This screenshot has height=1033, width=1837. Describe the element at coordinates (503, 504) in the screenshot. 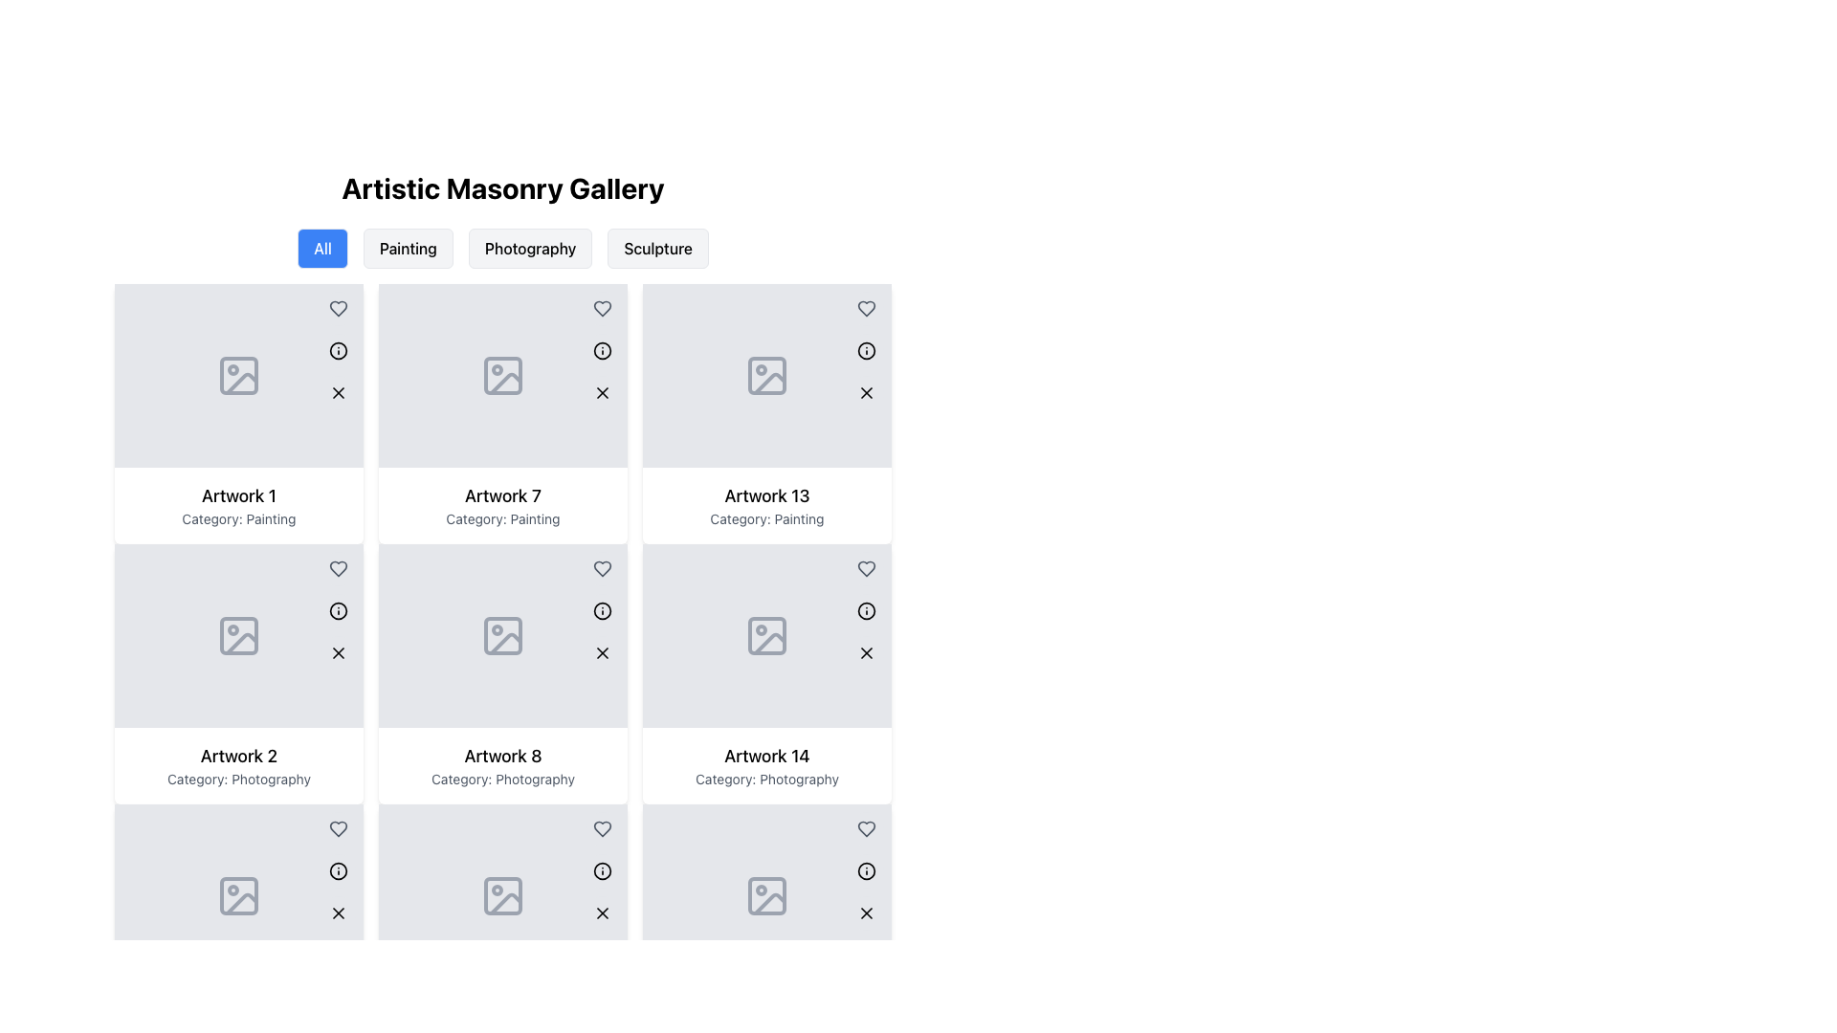

I see `the text block displaying the title 'Artwork 7' with a smaller gray text 'Category: Painting', located in the second column of the second row of the grid layout` at that location.